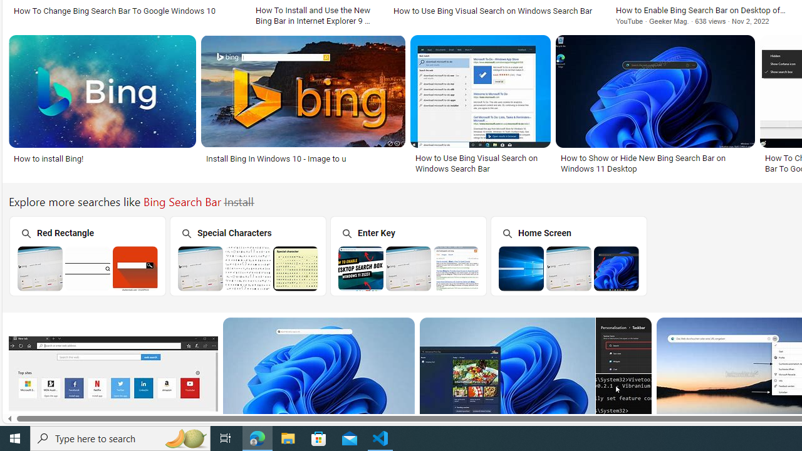 Image resolution: width=802 pixels, height=451 pixels. I want to click on 'Bing Search Bar On Home Screen', so click(568, 267).